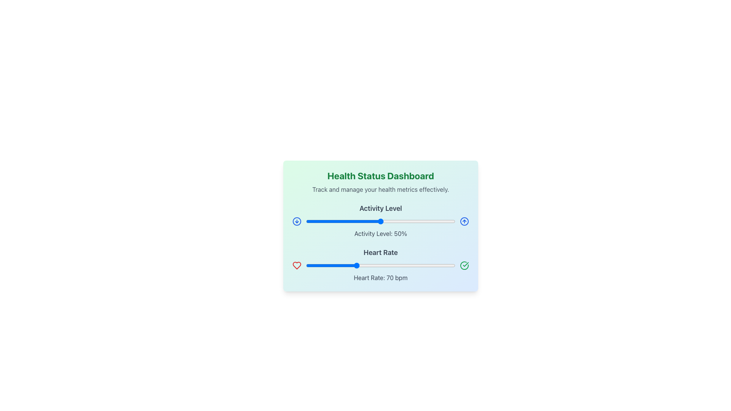 The image size is (731, 411). What do you see at coordinates (330, 221) in the screenshot?
I see `the activity level` at bounding box center [330, 221].